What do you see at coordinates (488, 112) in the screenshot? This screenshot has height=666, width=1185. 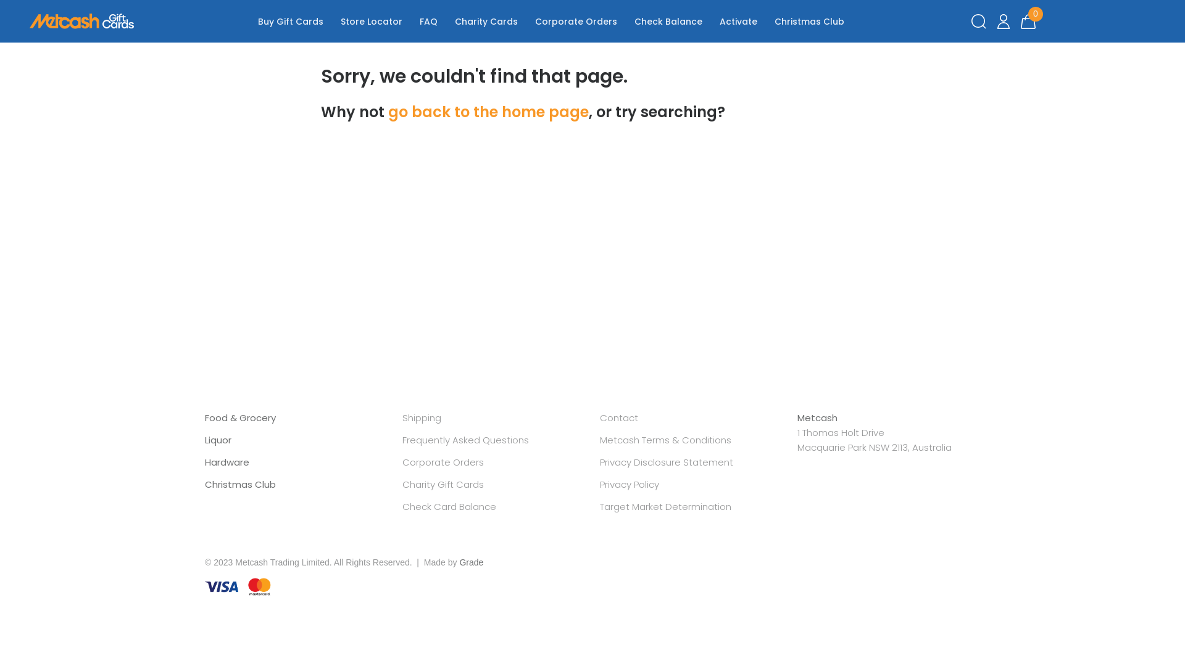 I see `'go back to the home page'` at bounding box center [488, 112].